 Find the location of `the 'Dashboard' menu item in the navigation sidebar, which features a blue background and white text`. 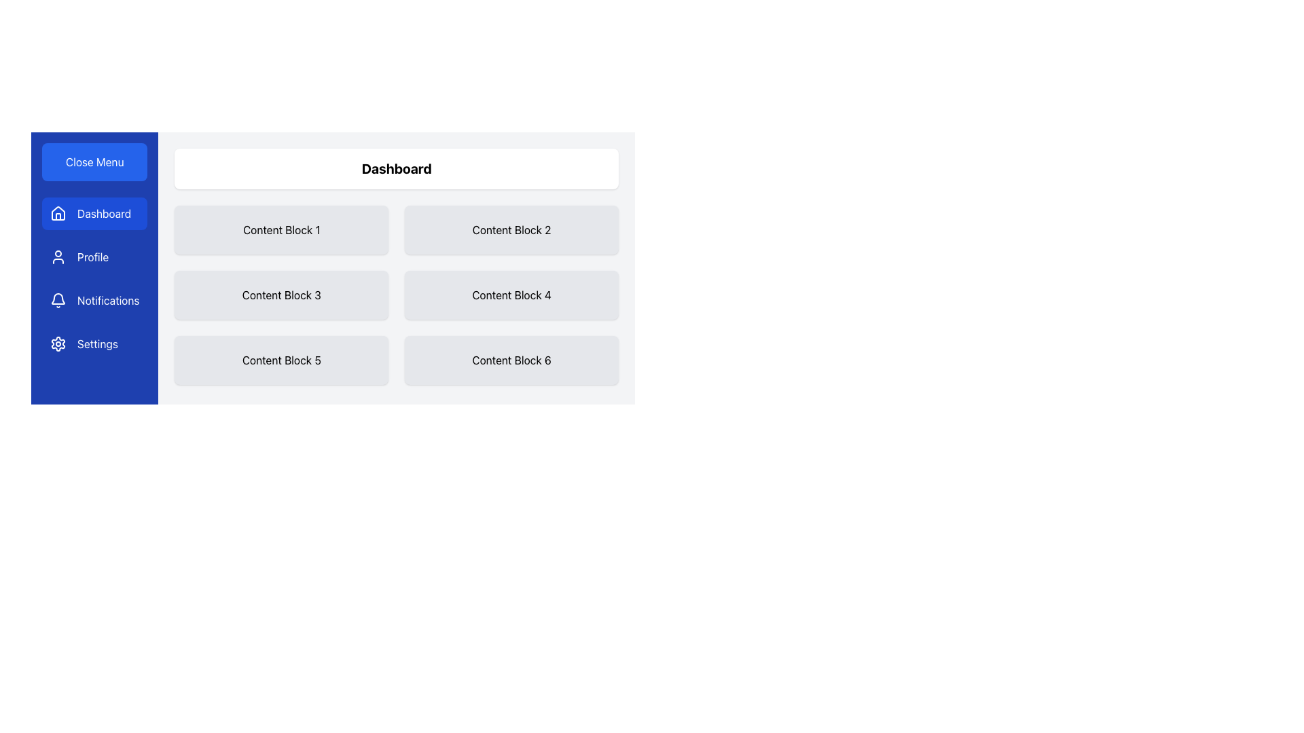

the 'Dashboard' menu item in the navigation sidebar, which features a blue background and white text is located at coordinates (94, 214).